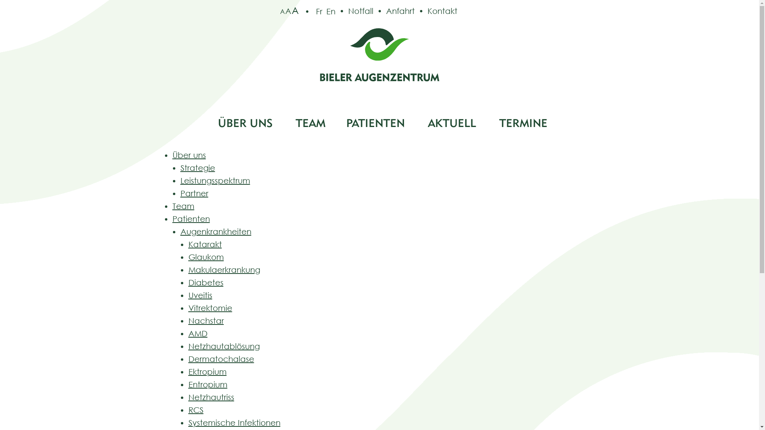 Image resolution: width=765 pixels, height=430 pixels. What do you see at coordinates (288, 11) in the screenshot?
I see `'A'` at bounding box center [288, 11].